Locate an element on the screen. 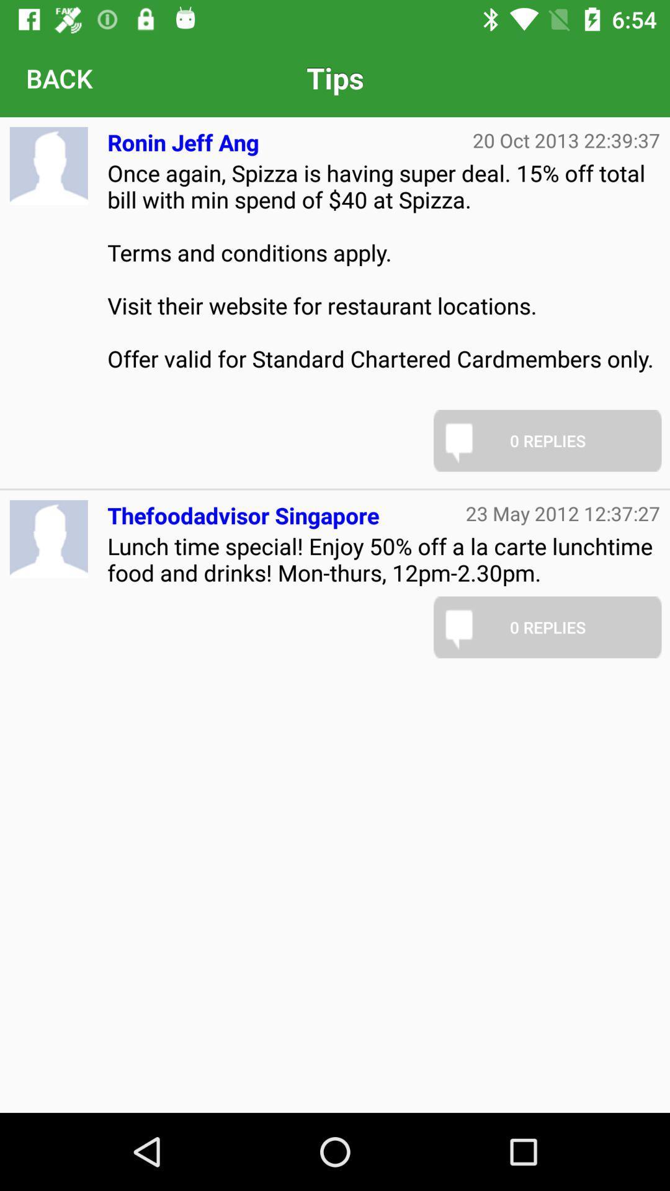 This screenshot has height=1191, width=670. item above lunch time special item is located at coordinates (243, 511).